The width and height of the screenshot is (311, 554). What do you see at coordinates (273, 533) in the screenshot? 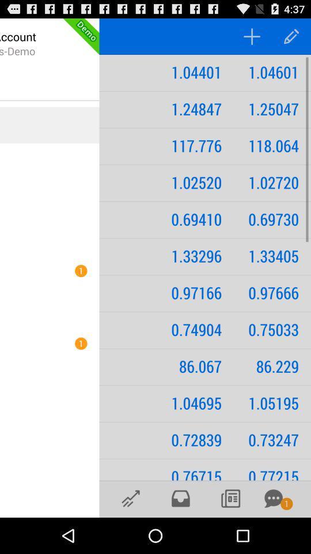
I see `the chat icon` at bounding box center [273, 533].